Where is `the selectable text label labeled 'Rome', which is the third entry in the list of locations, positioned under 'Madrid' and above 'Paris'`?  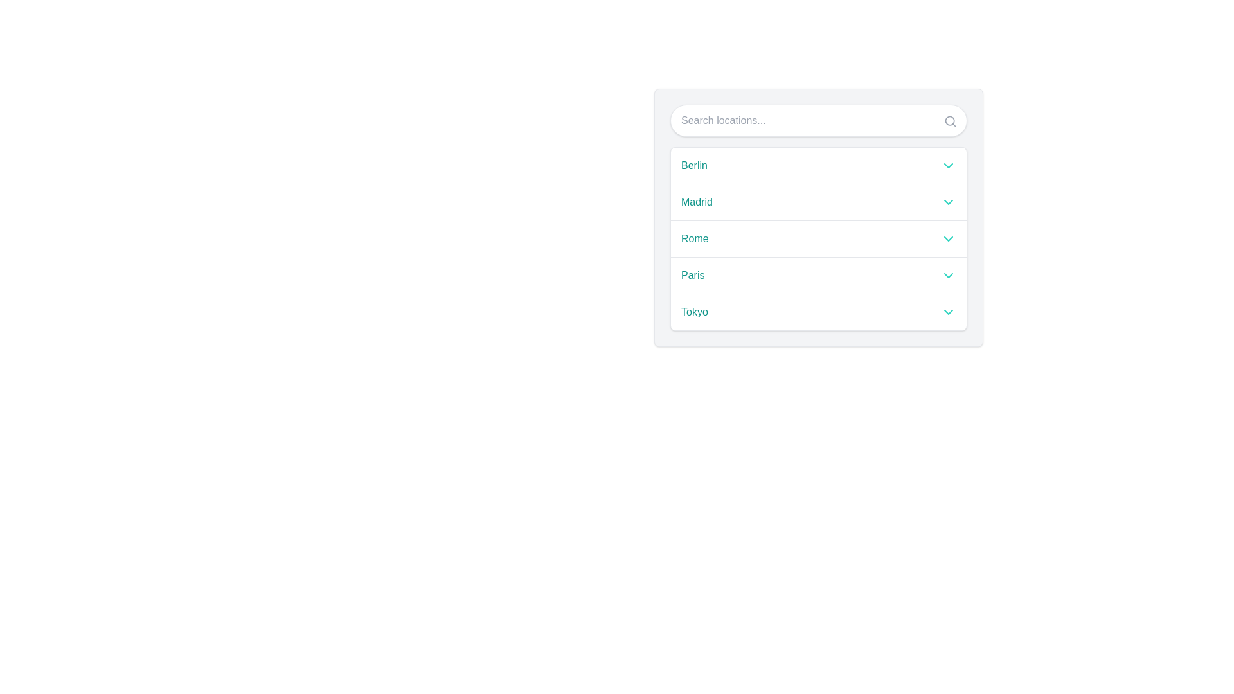 the selectable text label labeled 'Rome', which is the third entry in the list of locations, positioned under 'Madrid' and above 'Paris' is located at coordinates (694, 238).